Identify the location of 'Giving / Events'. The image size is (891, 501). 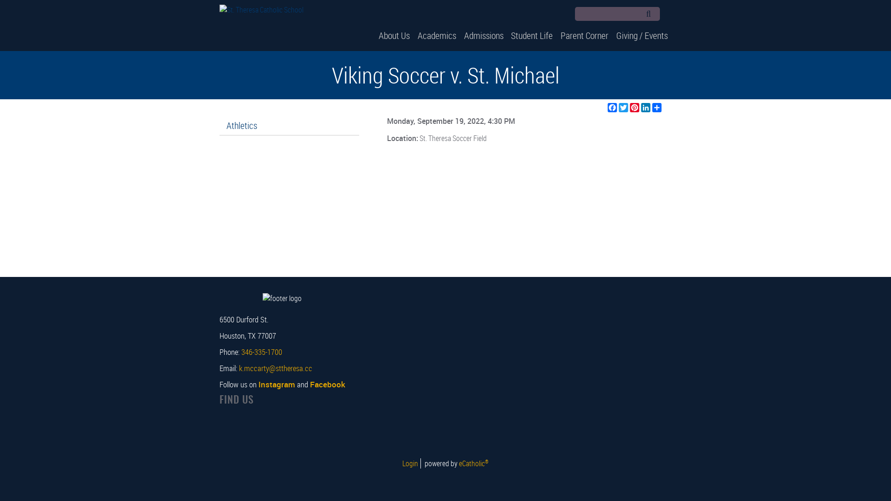
(641, 35).